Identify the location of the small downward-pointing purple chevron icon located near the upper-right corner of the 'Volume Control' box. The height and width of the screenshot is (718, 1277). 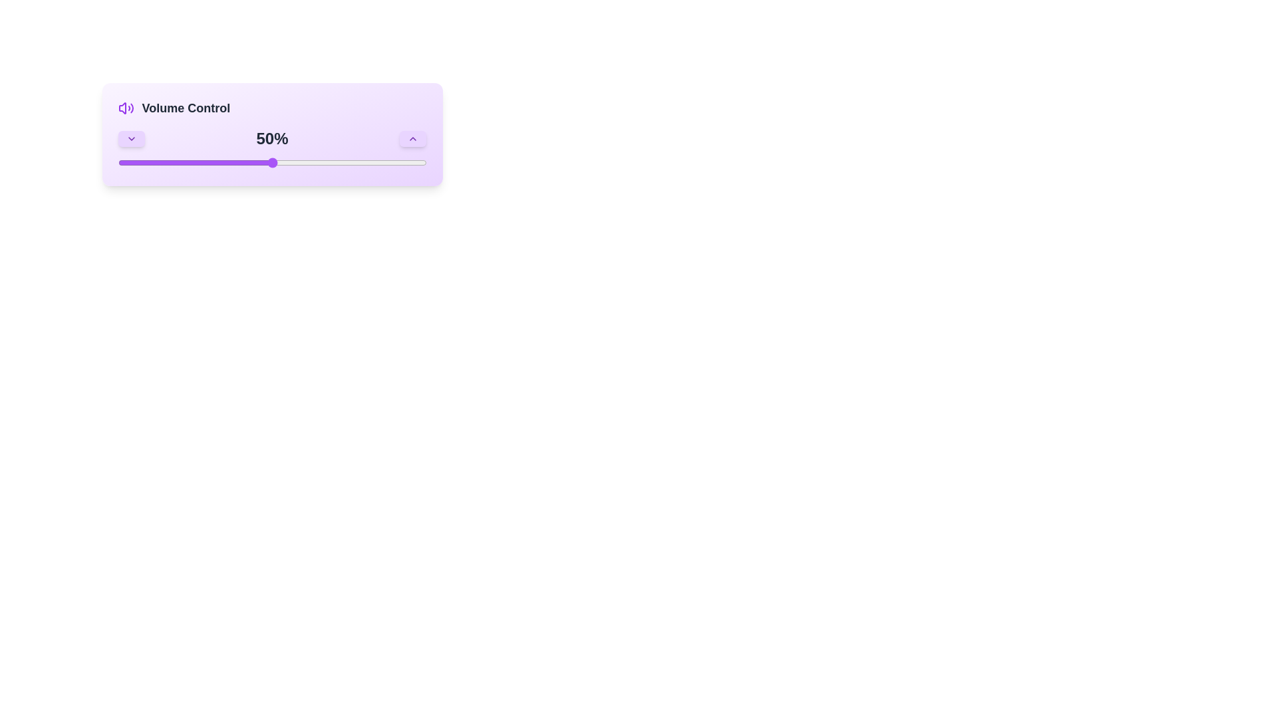
(131, 138).